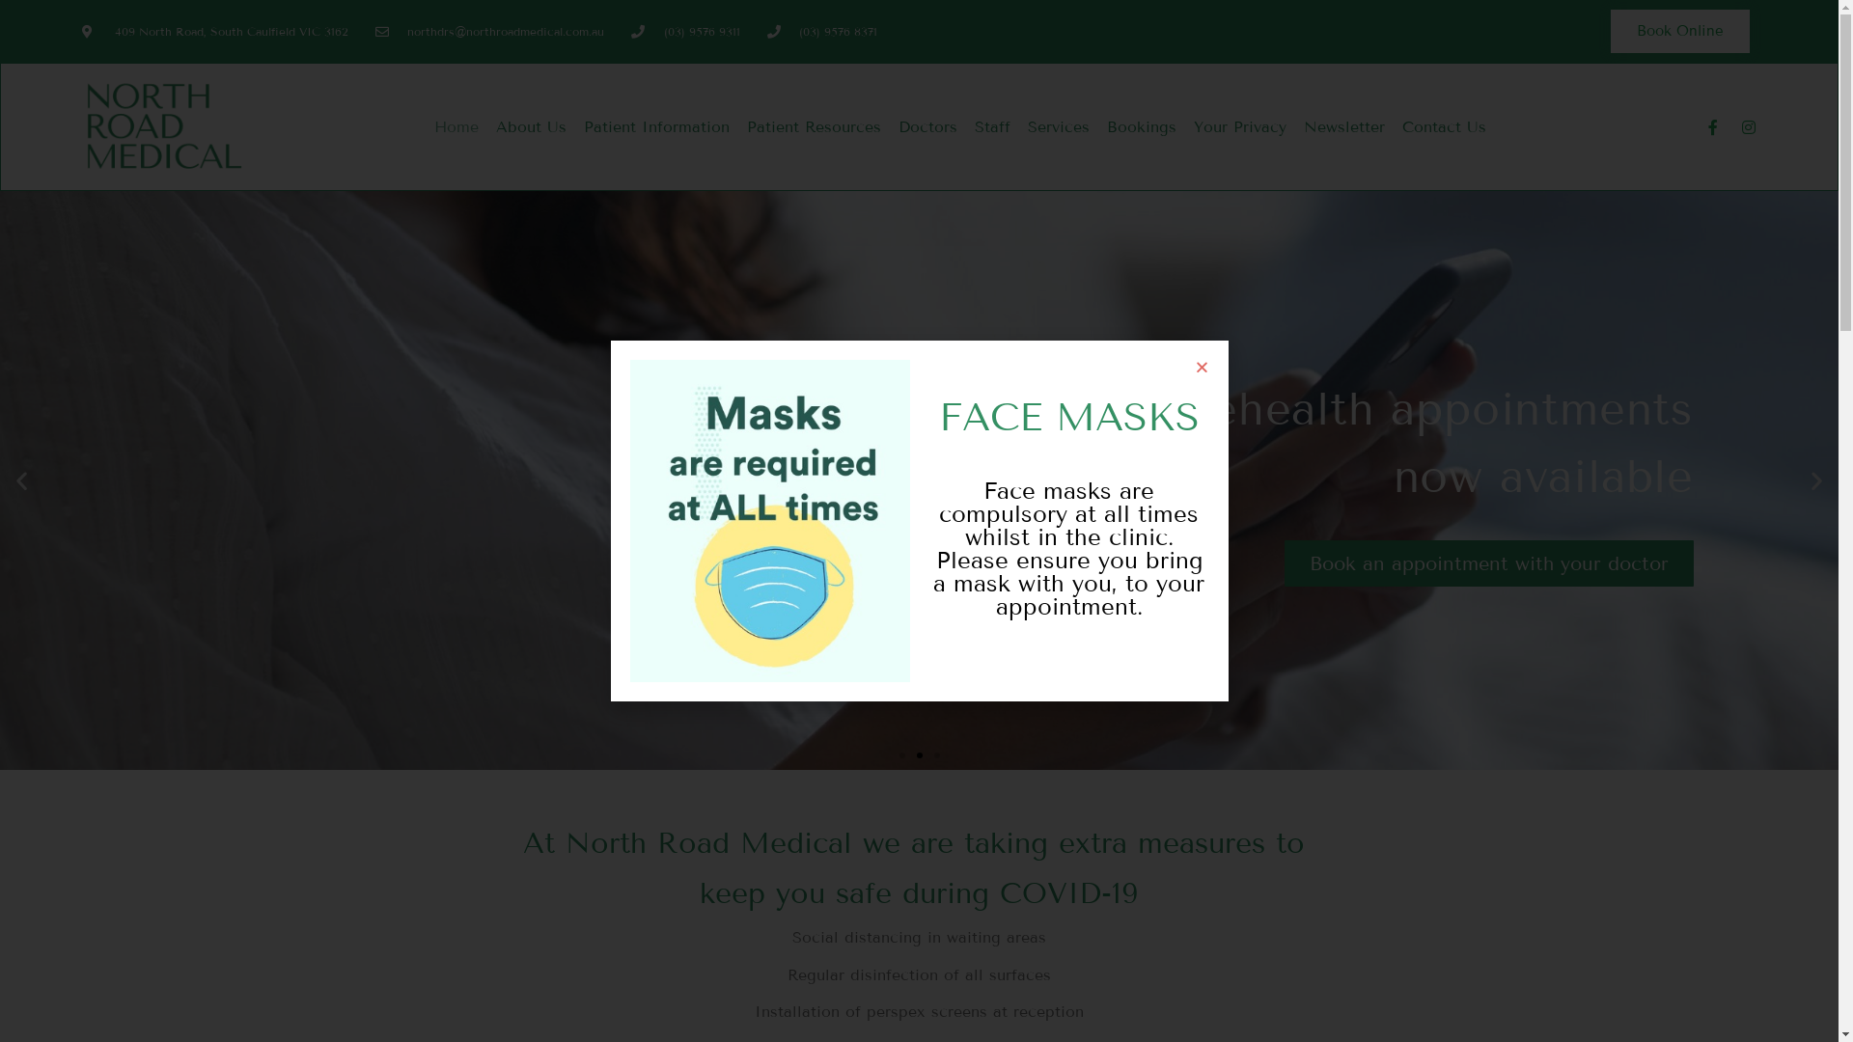 Image resolution: width=1853 pixels, height=1042 pixels. I want to click on 'Your Privacy', so click(1240, 126).